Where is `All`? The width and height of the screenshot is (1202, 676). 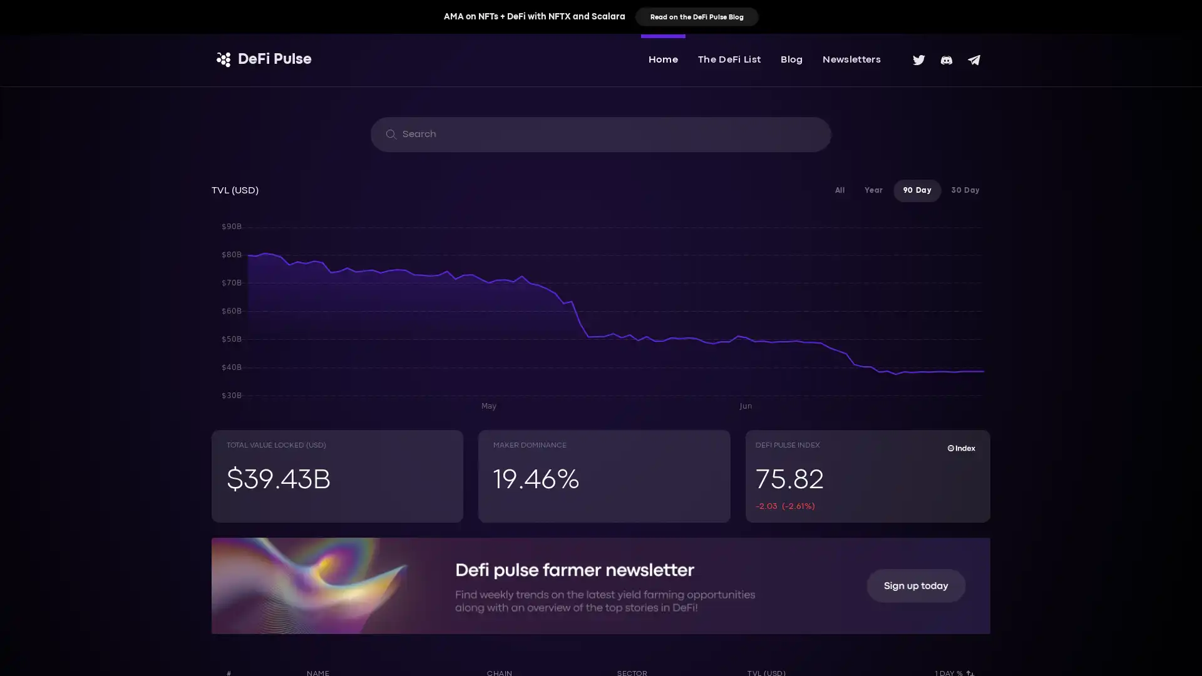
All is located at coordinates (839, 190).